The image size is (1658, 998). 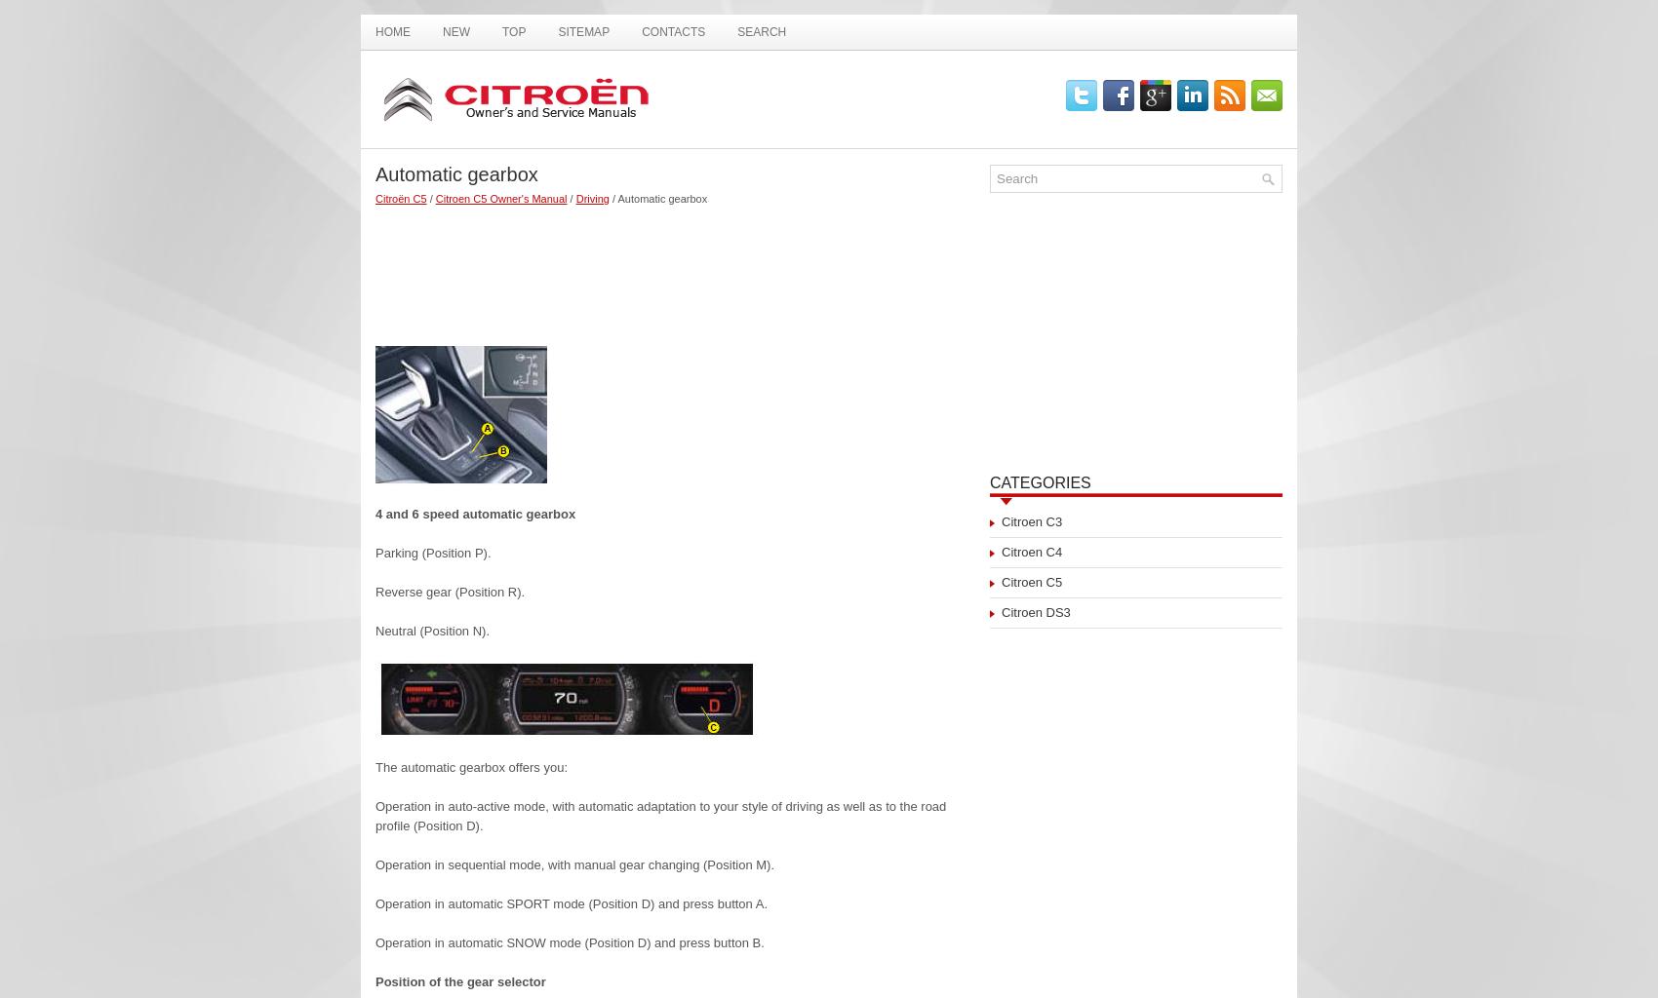 I want to click on 'Operation in automatic SPORT mode (Position D) and press button A.', so click(x=570, y=902).